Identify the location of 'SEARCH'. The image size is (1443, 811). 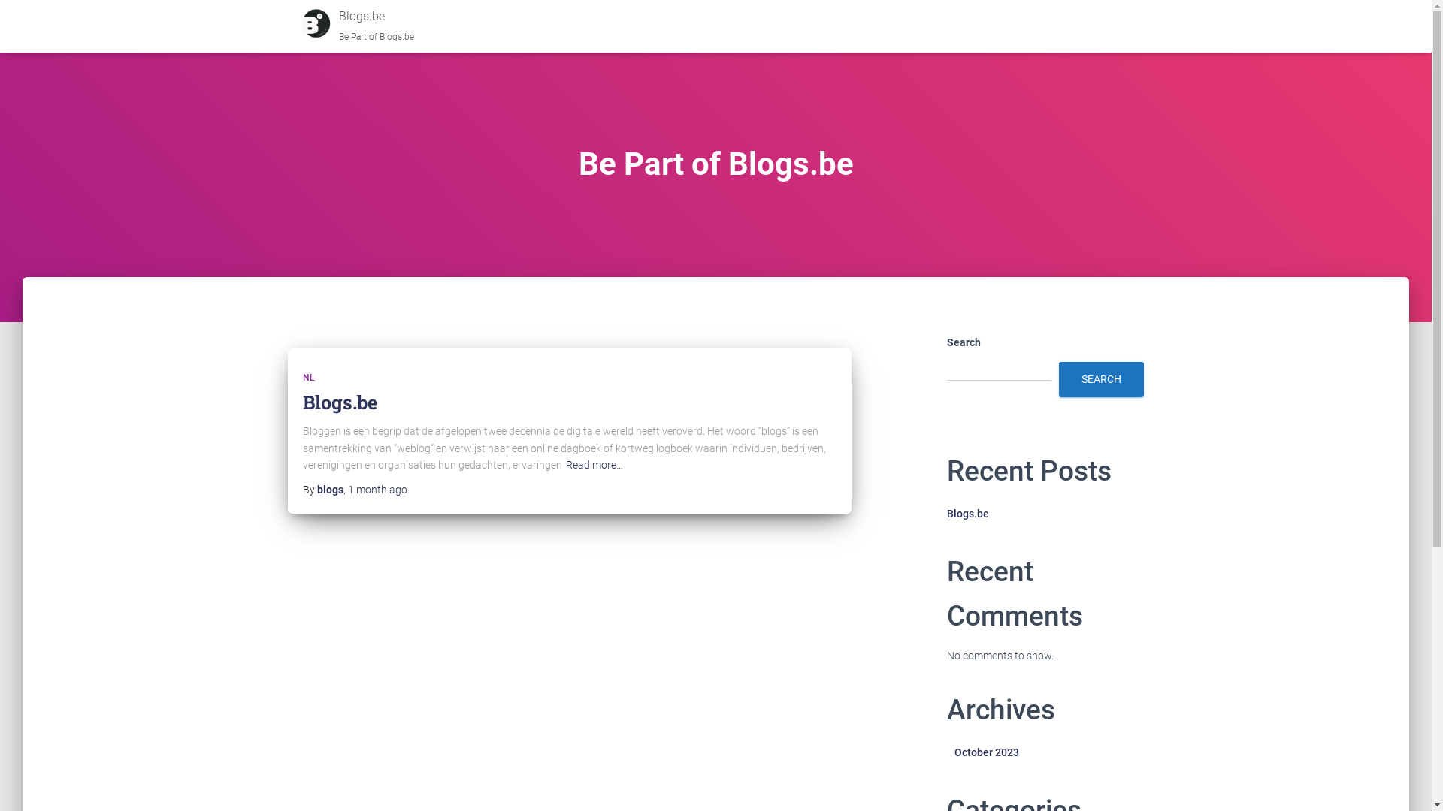
(1100, 378).